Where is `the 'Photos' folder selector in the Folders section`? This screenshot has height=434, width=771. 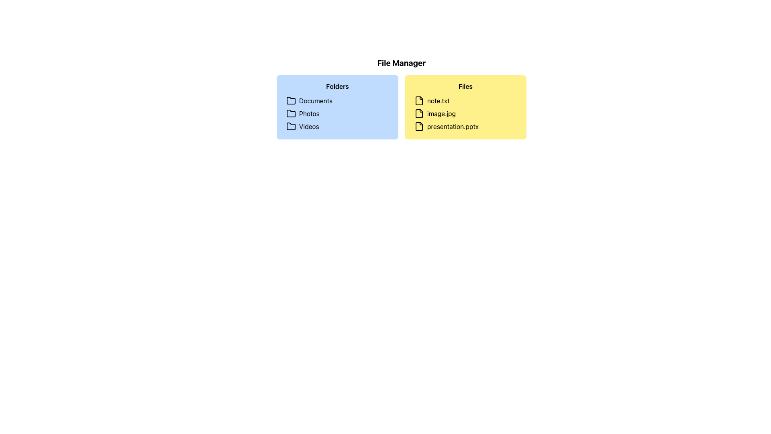 the 'Photos' folder selector in the Folders section is located at coordinates (337, 113).